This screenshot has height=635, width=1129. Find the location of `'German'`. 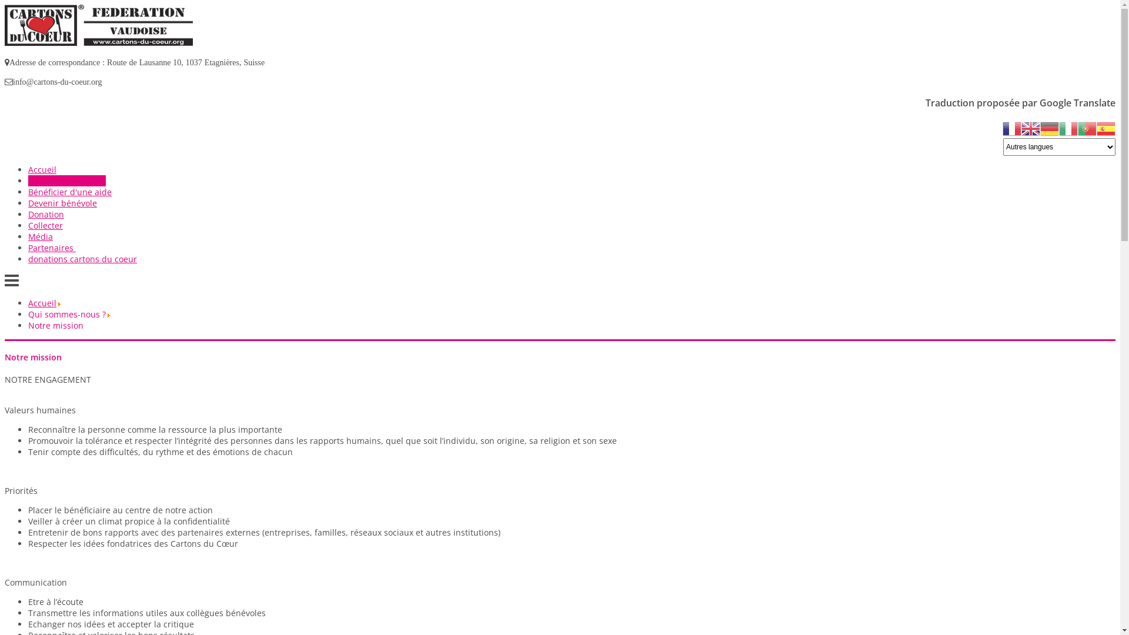

'German' is located at coordinates (1050, 128).